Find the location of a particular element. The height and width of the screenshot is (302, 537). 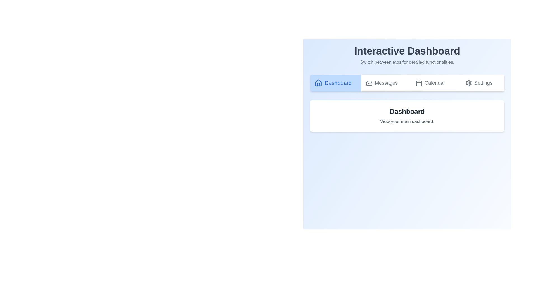

the button in the navigation bar at the top central region is located at coordinates (407, 83).